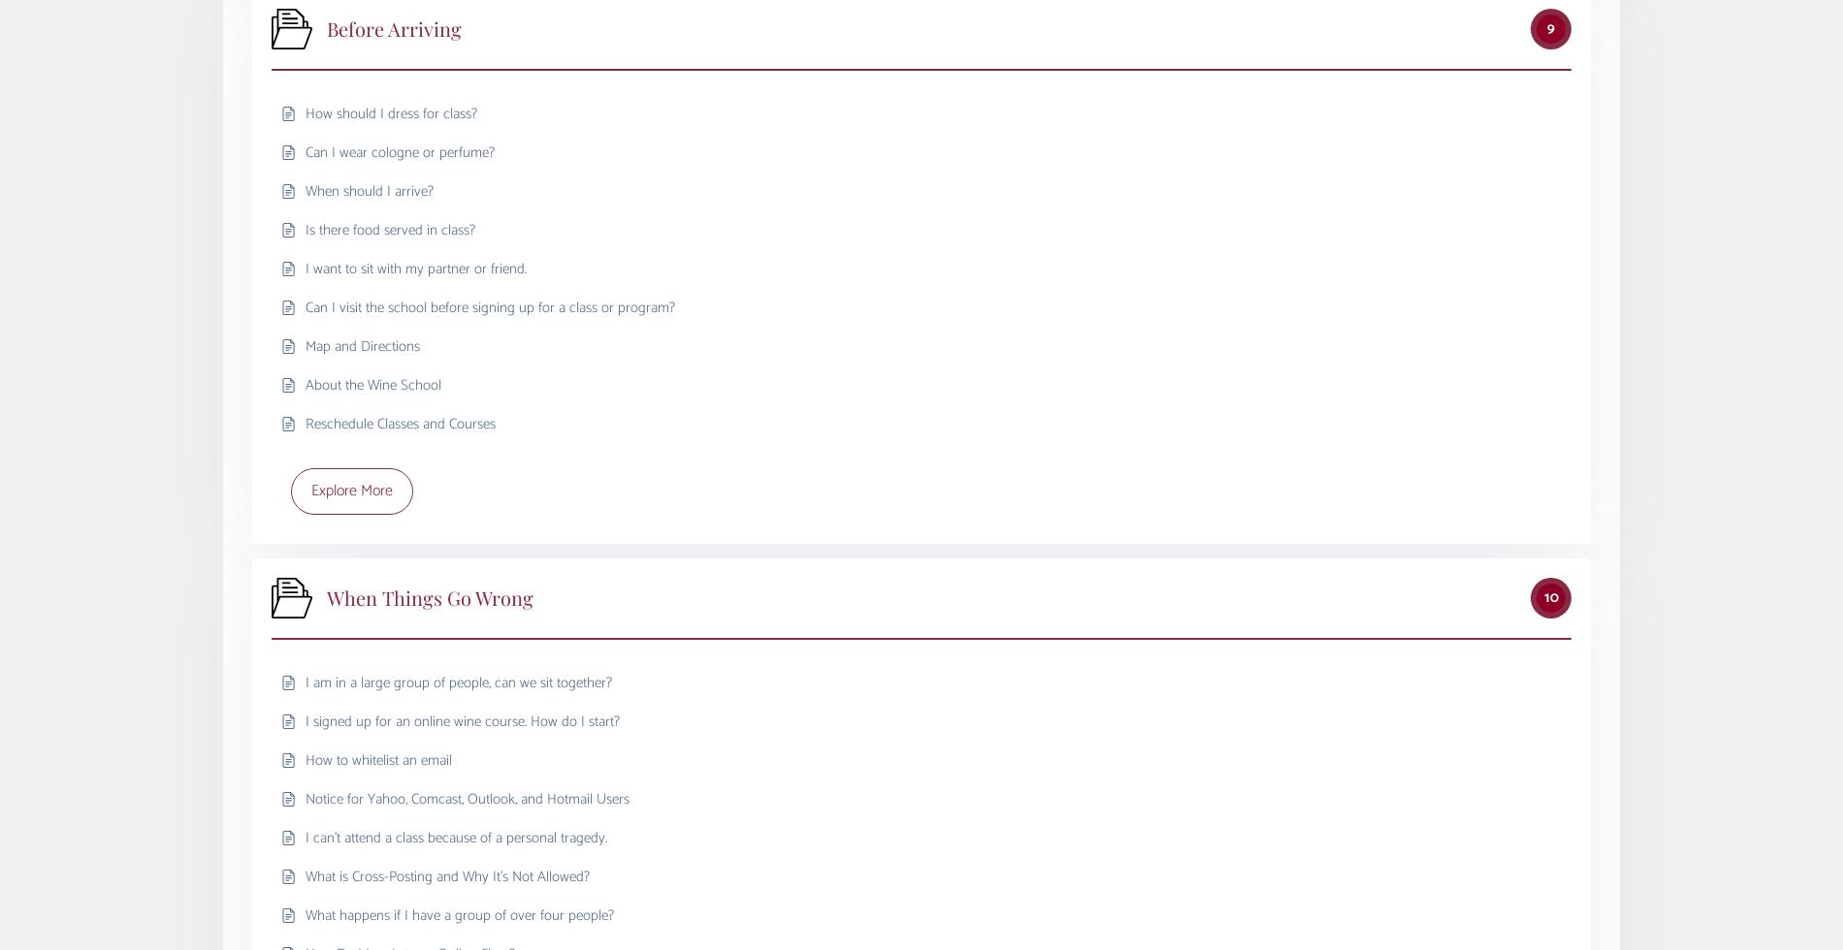  I want to click on '10', so click(1550, 596).